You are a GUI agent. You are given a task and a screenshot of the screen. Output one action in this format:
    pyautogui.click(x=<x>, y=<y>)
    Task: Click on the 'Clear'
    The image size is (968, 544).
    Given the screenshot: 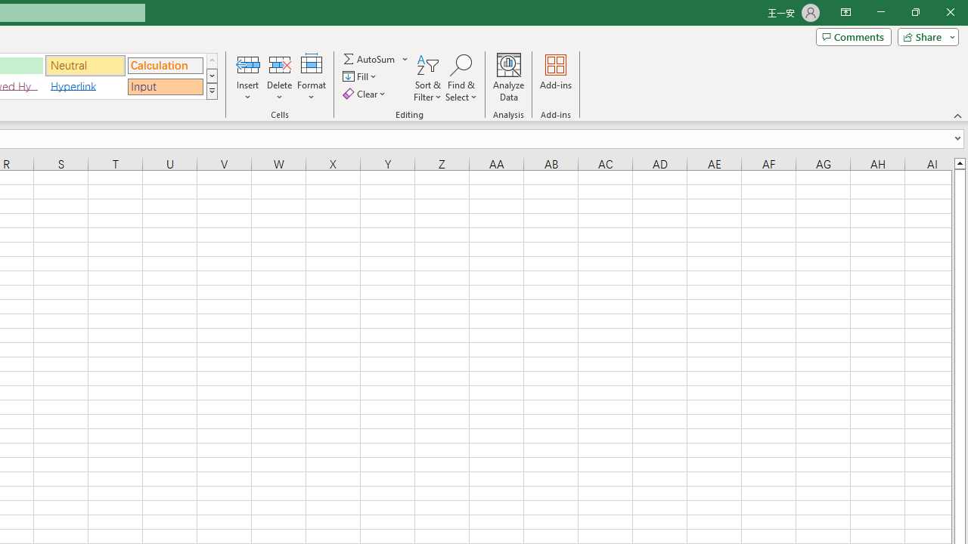 What is the action you would take?
    pyautogui.click(x=365, y=94)
    